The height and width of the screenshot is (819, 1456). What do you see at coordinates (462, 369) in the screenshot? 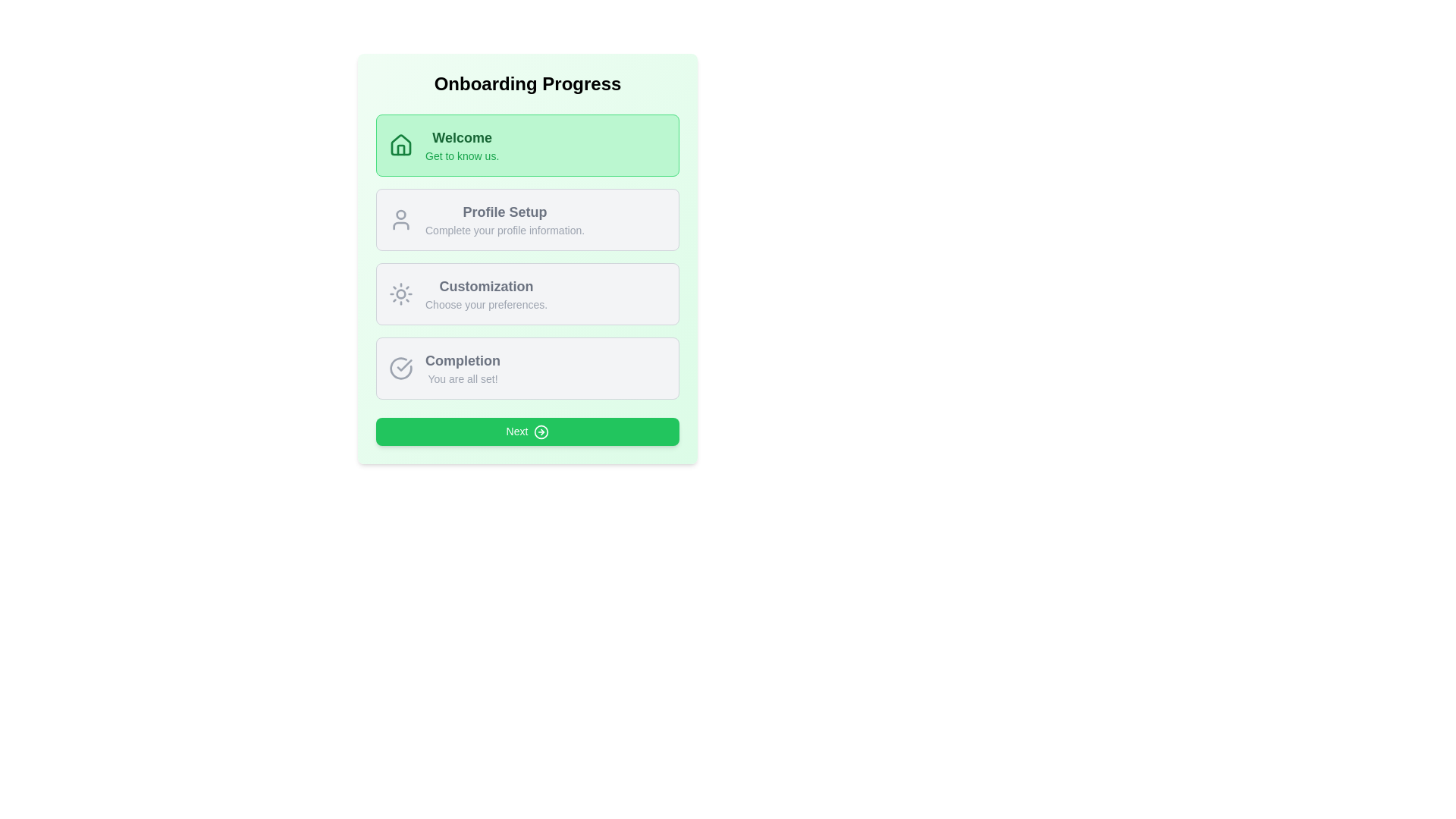
I see `the Informational text block indicating the completion of the onboarding process, which is located above the 'Next' button in the onboarding progress interface` at bounding box center [462, 369].